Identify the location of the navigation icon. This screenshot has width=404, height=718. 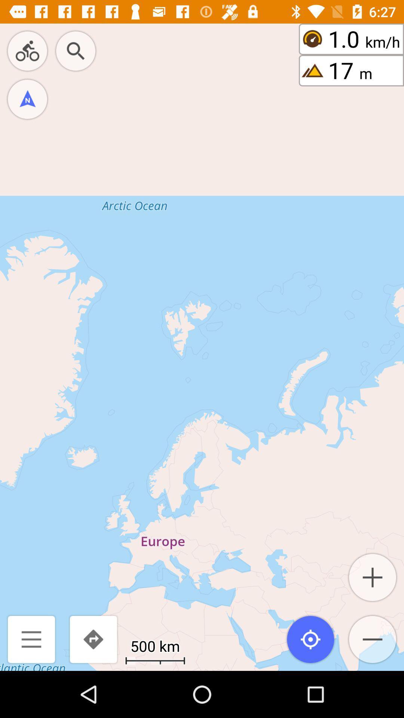
(27, 99).